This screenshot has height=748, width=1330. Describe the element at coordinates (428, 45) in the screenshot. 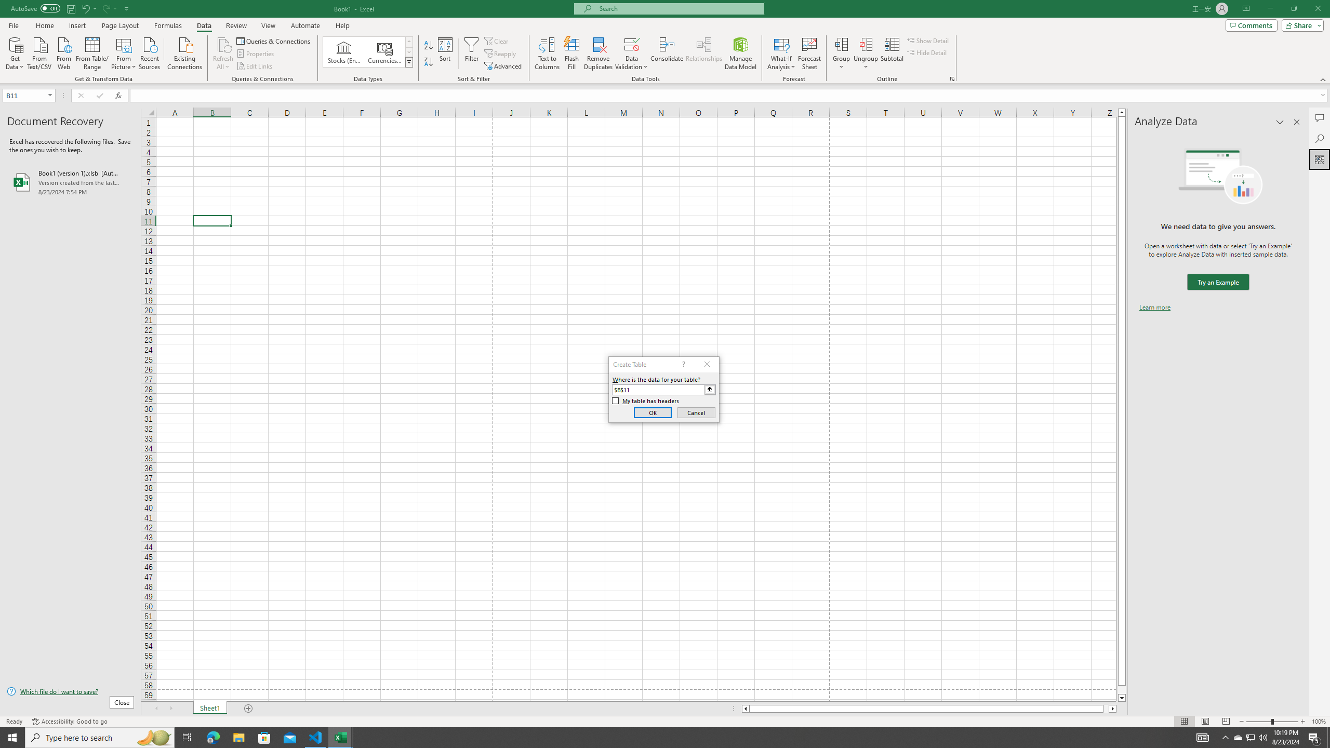

I see `'Sort A to Z'` at that location.